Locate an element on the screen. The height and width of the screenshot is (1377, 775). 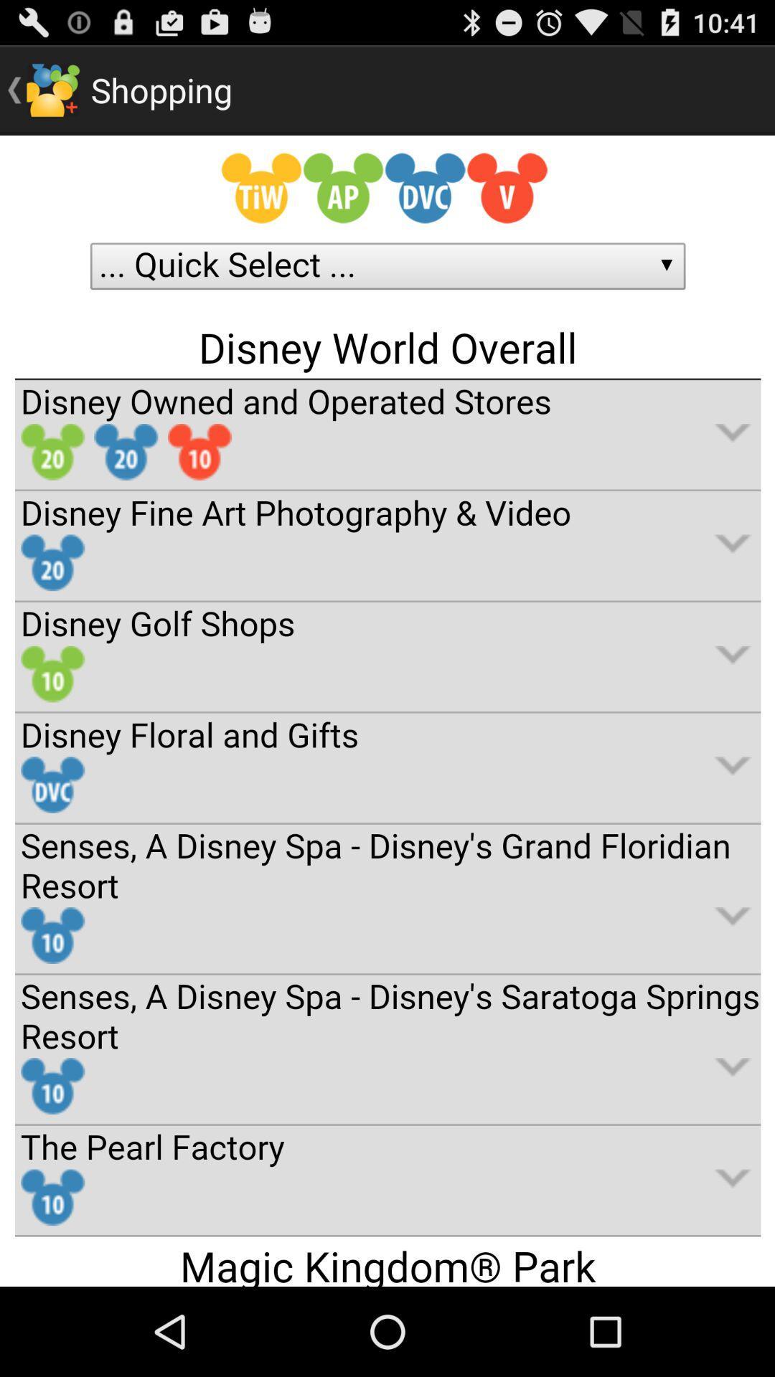
browse features is located at coordinates (387, 711).